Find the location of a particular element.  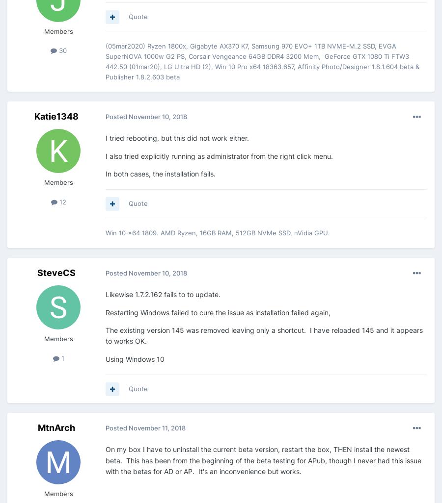

'12' is located at coordinates (61, 202).